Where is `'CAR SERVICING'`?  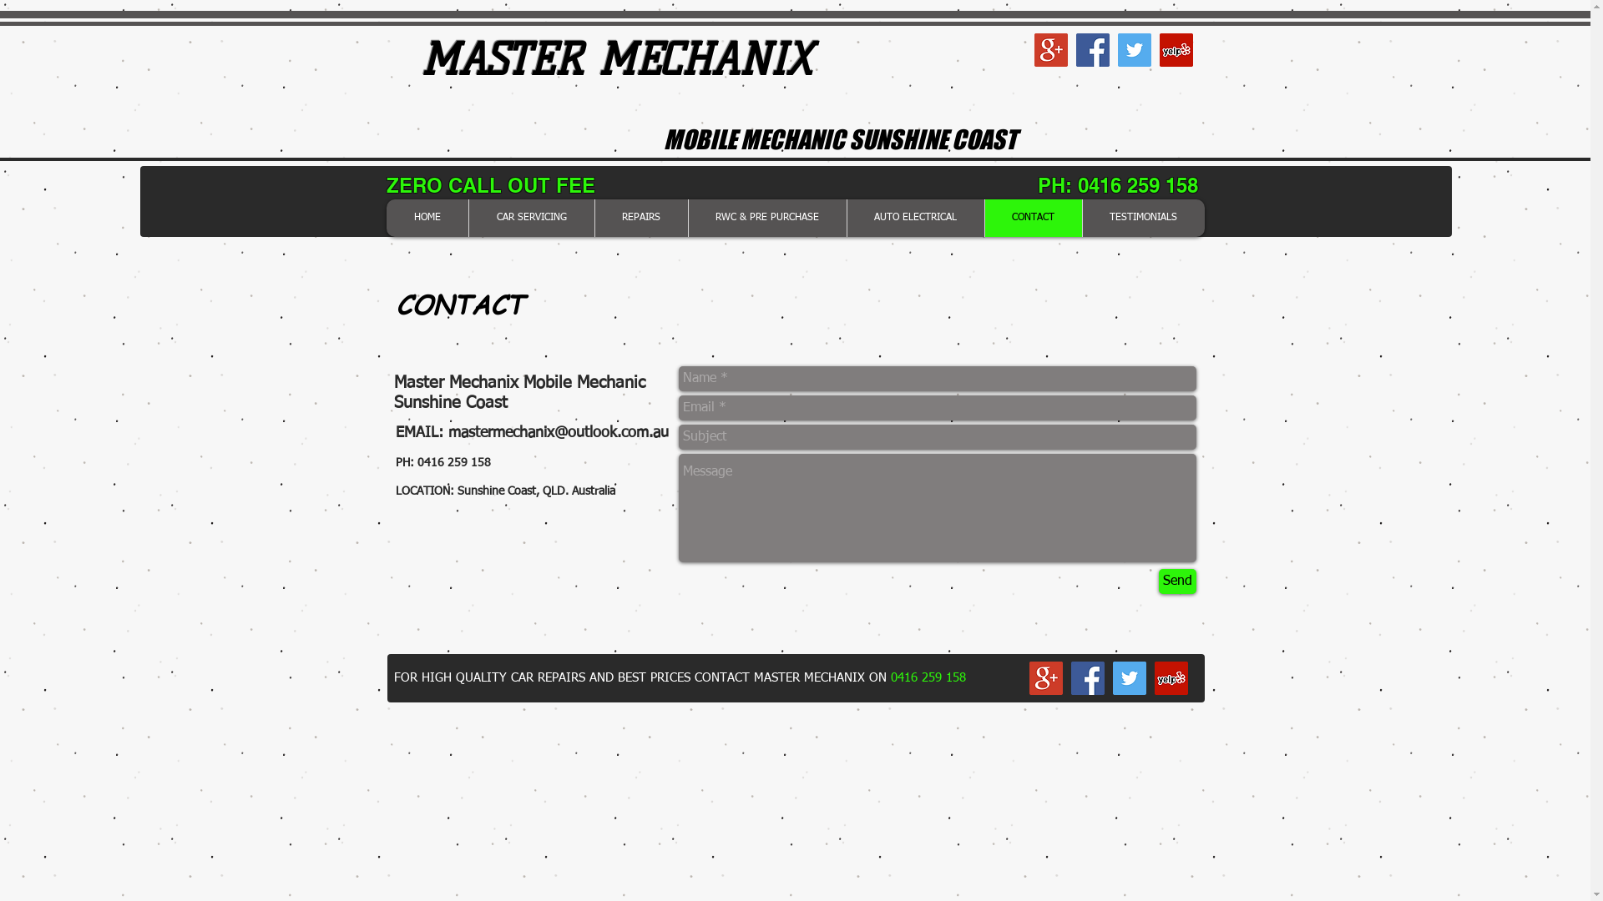
'CAR SERVICING' is located at coordinates (529, 217).